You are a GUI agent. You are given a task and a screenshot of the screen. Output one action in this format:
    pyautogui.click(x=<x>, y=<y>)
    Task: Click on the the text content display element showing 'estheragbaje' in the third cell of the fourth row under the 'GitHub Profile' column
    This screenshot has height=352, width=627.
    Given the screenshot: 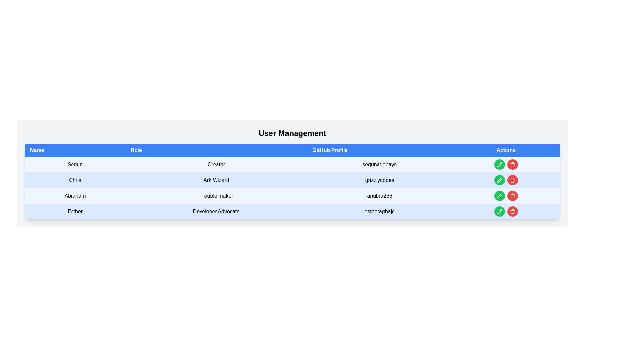 What is the action you would take?
    pyautogui.click(x=379, y=211)
    